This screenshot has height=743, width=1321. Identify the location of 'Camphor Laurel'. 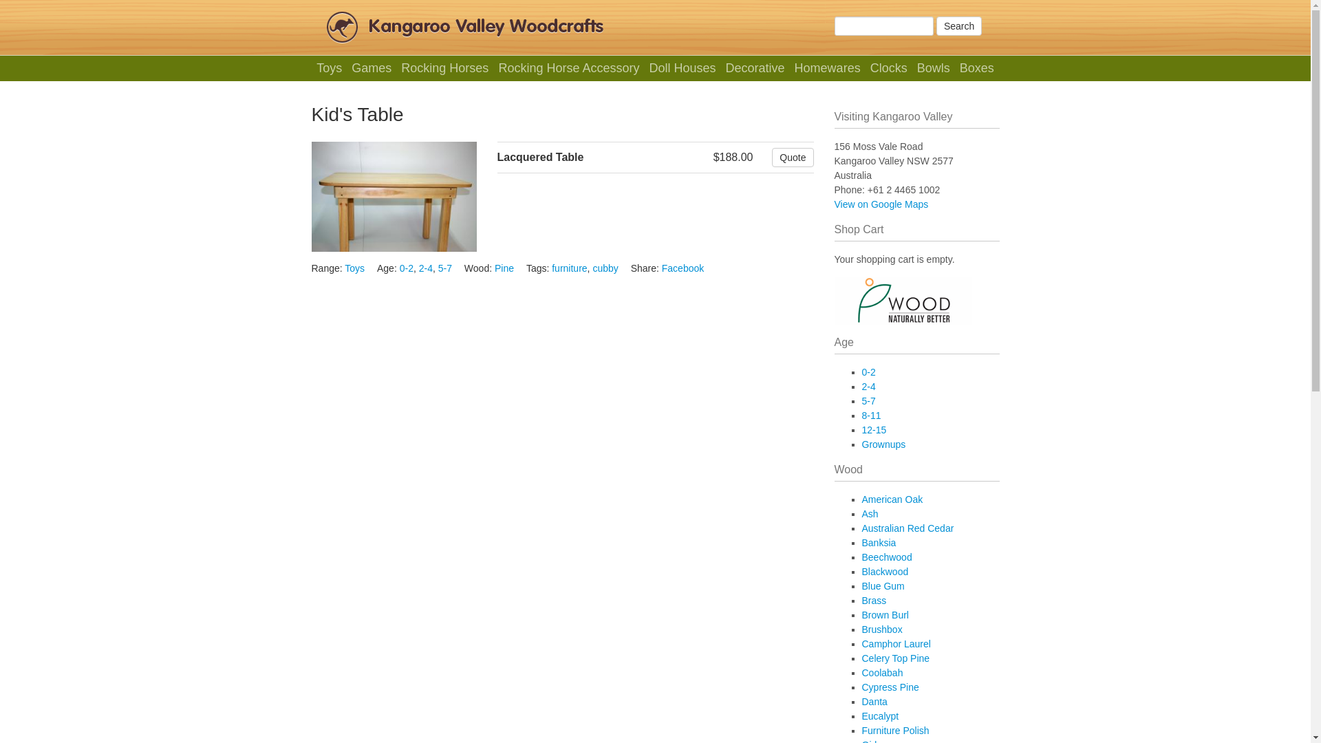
(895, 644).